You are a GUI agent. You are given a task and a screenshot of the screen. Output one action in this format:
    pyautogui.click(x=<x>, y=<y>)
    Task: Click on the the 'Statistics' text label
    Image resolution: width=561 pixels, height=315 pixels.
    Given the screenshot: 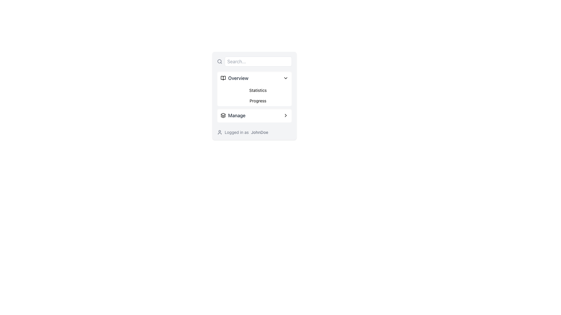 What is the action you would take?
    pyautogui.click(x=258, y=90)
    